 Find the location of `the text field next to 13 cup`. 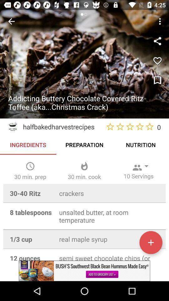

the text field next to 13 cup is located at coordinates (109, 239).